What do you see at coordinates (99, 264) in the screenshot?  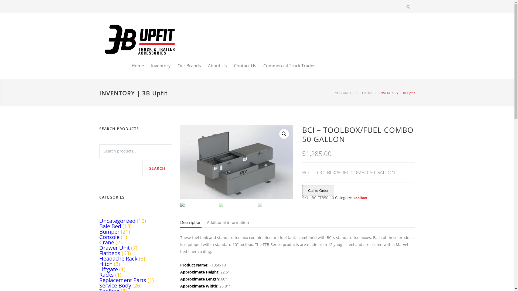 I see `'Hitch'` at bounding box center [99, 264].